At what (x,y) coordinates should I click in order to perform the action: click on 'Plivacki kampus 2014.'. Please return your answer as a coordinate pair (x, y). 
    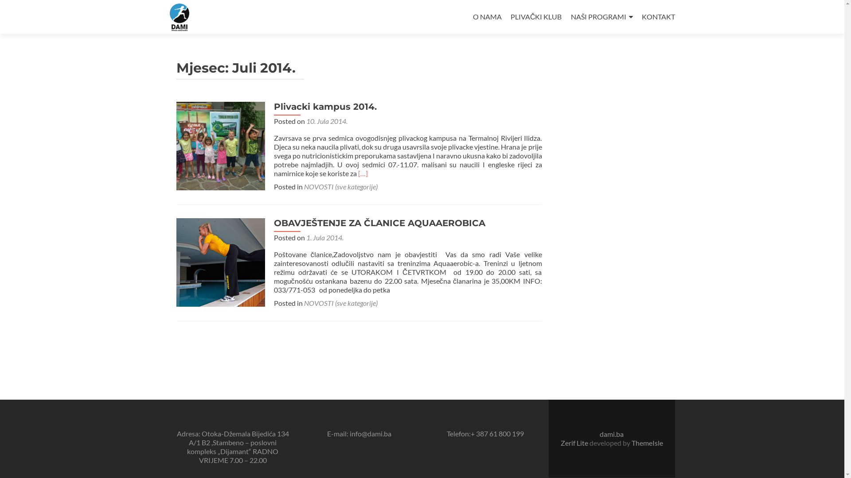
    Looking at the image, I should click on (221, 144).